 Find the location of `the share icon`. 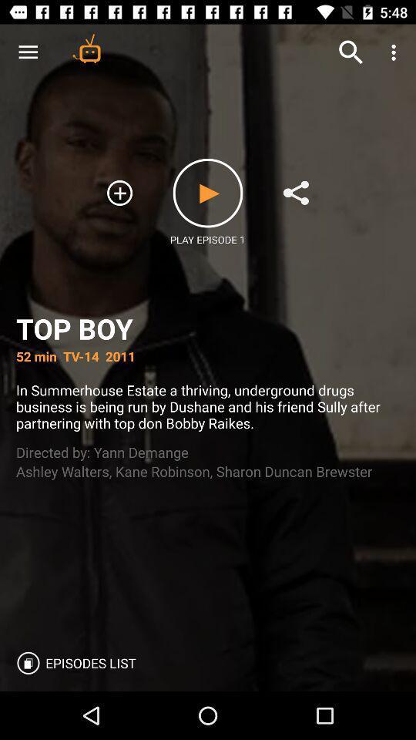

the share icon is located at coordinates (296, 192).